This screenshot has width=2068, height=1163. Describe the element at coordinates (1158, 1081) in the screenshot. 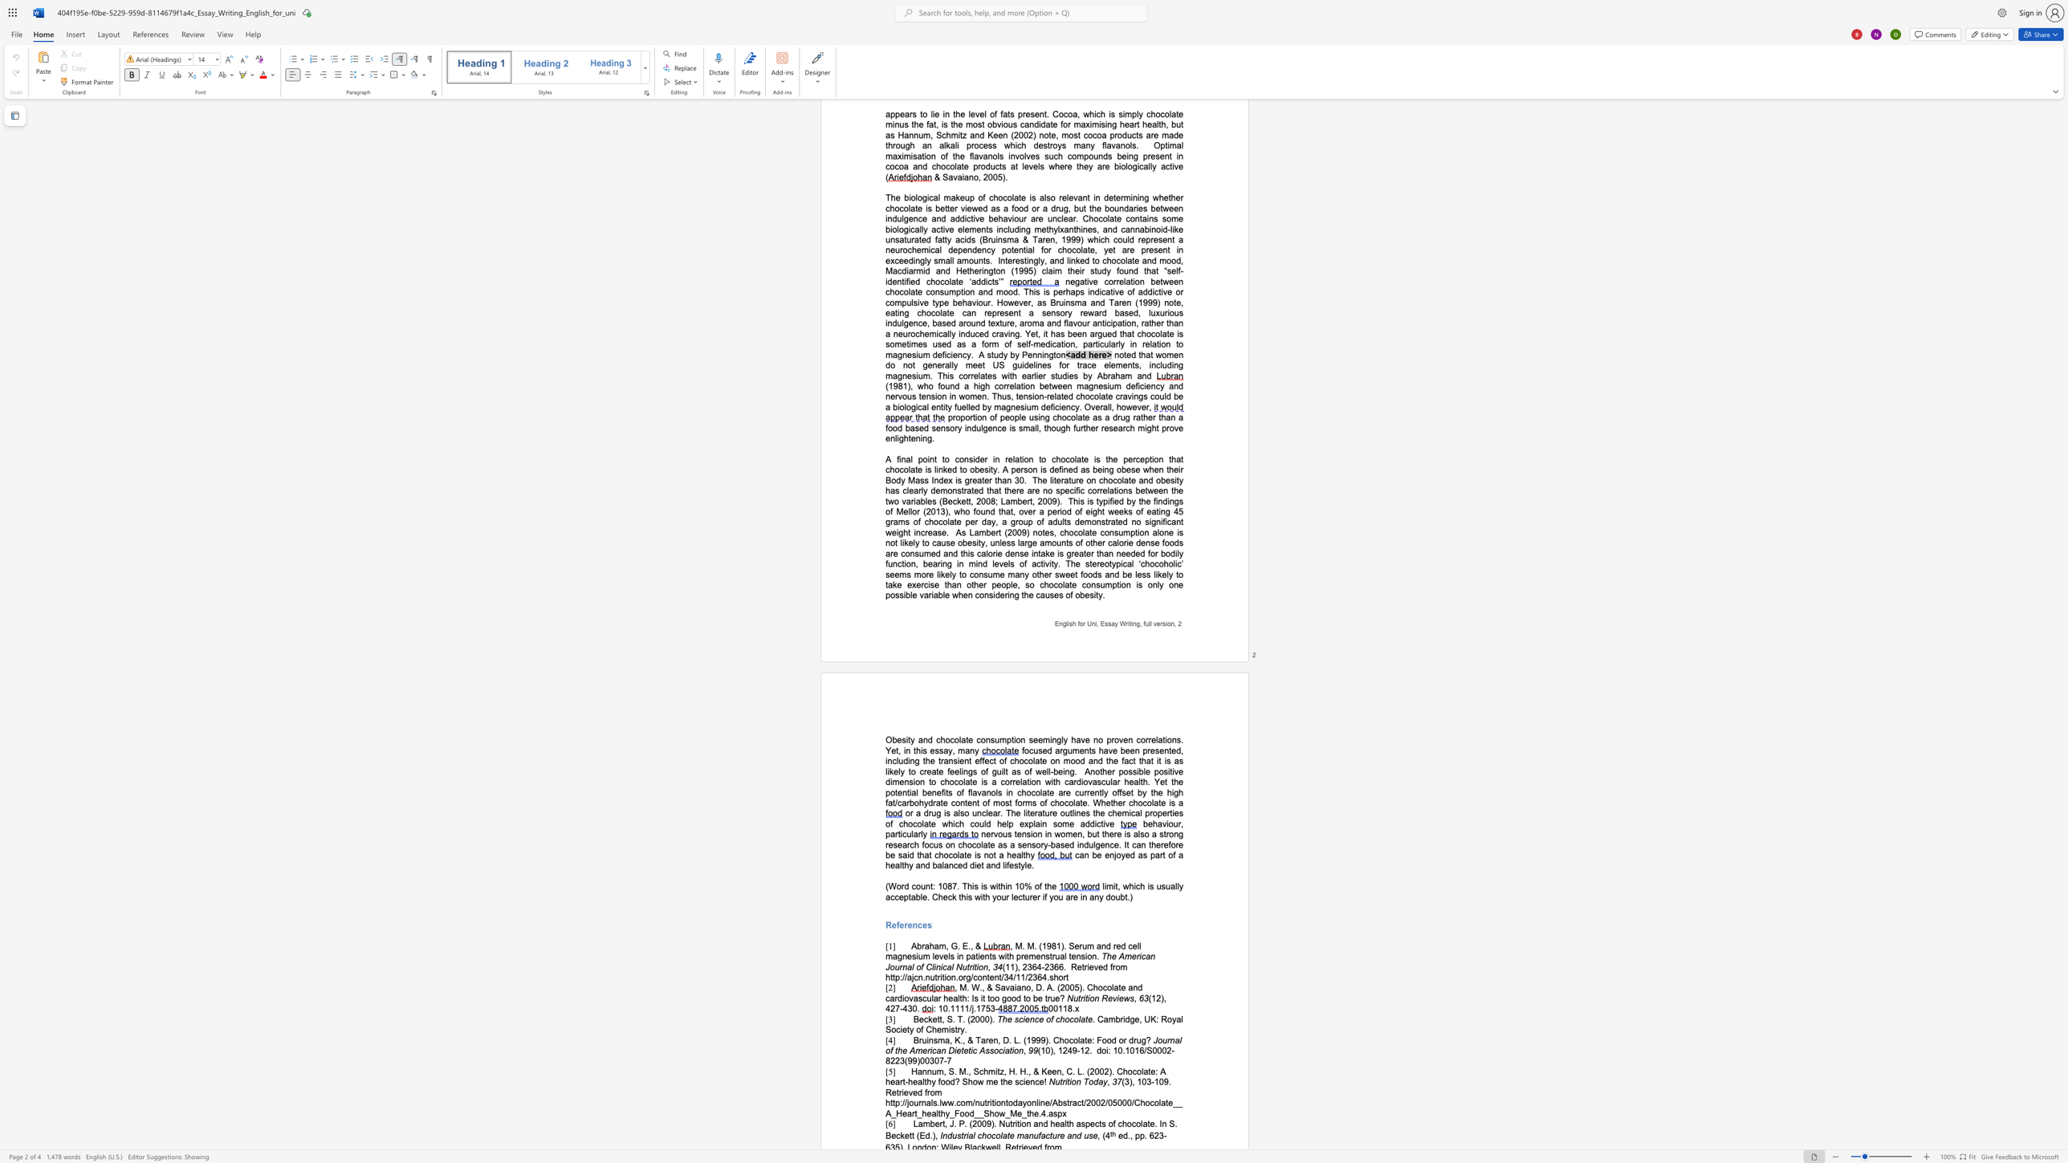

I see `the subset text "09" within the text "(3), 103-109"` at that location.